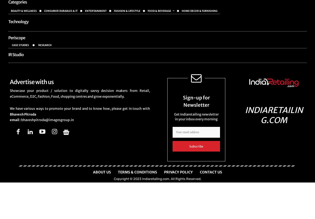 This screenshot has height=219, width=315. What do you see at coordinates (96, 11) in the screenshot?
I see `'Entertainment'` at bounding box center [96, 11].